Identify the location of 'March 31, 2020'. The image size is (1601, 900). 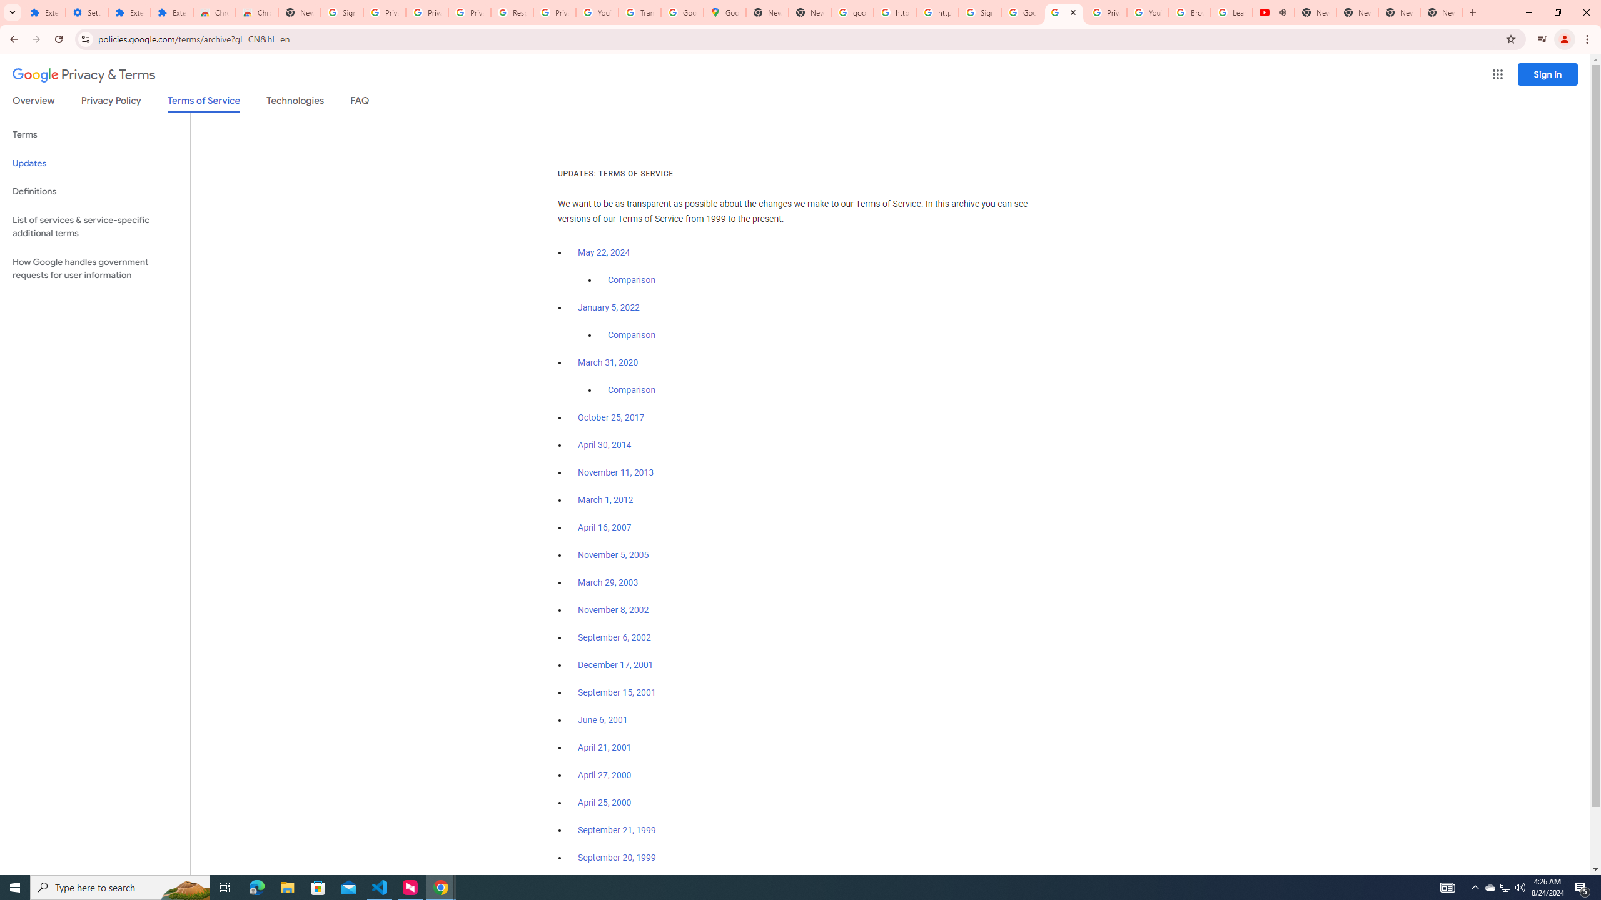
(607, 363).